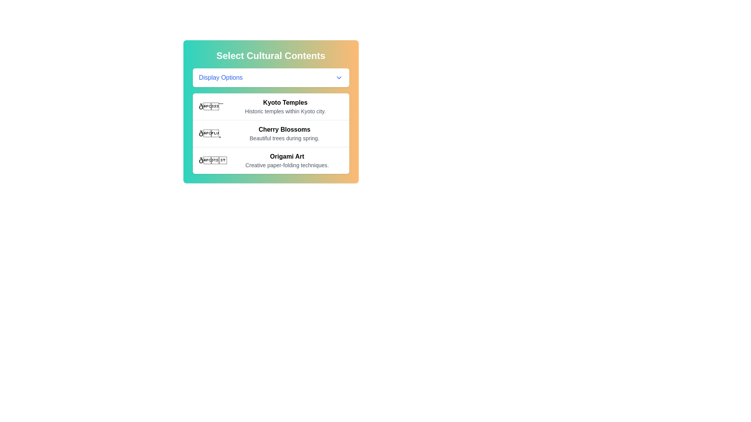 The height and width of the screenshot is (422, 751). What do you see at coordinates (287, 160) in the screenshot?
I see `the text block titled 'Origami Art' with the description 'Creative paper-folding techniques.'` at bounding box center [287, 160].